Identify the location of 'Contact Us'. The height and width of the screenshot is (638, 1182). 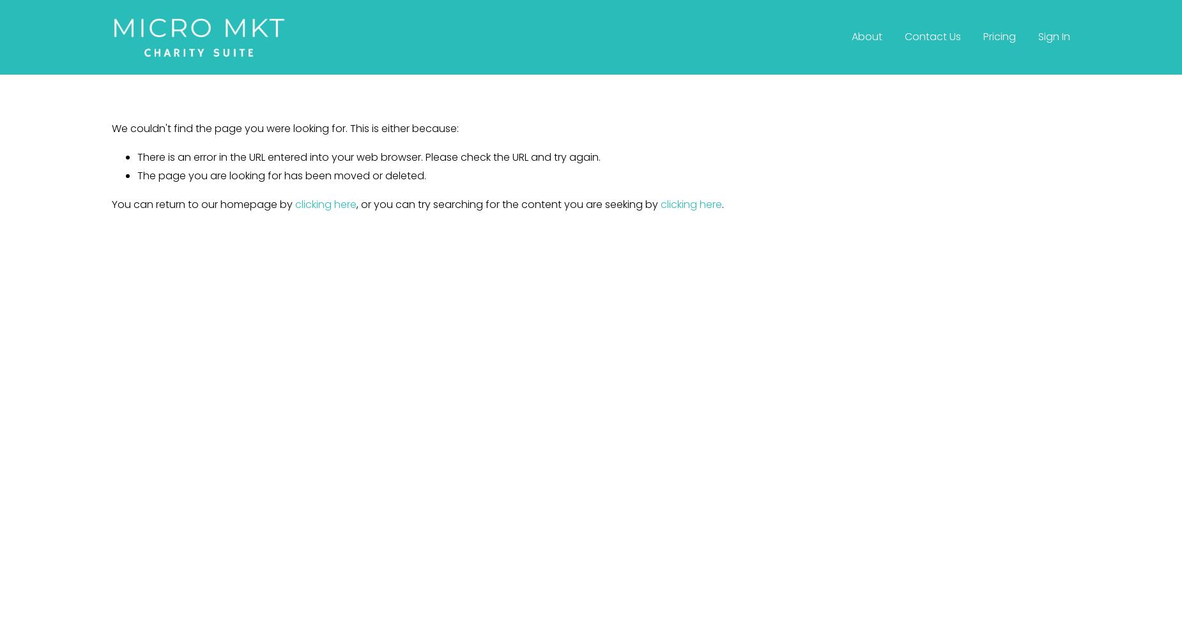
(932, 36).